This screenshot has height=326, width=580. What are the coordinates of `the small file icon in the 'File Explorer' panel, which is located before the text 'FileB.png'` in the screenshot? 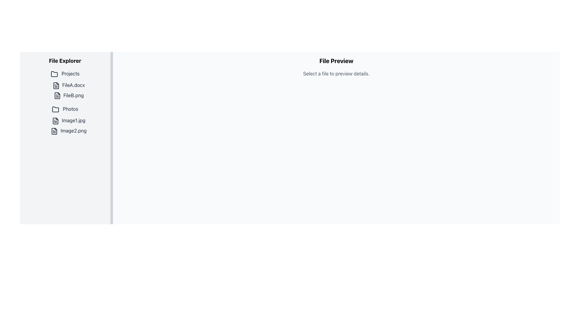 It's located at (57, 95).